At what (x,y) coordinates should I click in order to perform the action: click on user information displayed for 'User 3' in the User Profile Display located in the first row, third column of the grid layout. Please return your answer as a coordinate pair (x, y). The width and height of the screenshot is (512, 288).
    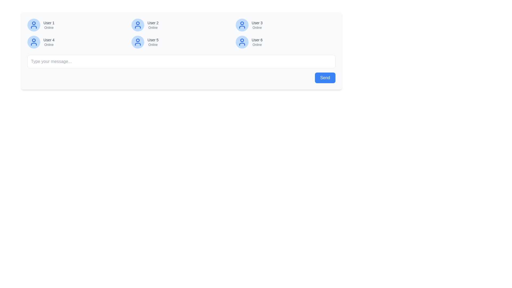
    Looking at the image, I should click on (285, 25).